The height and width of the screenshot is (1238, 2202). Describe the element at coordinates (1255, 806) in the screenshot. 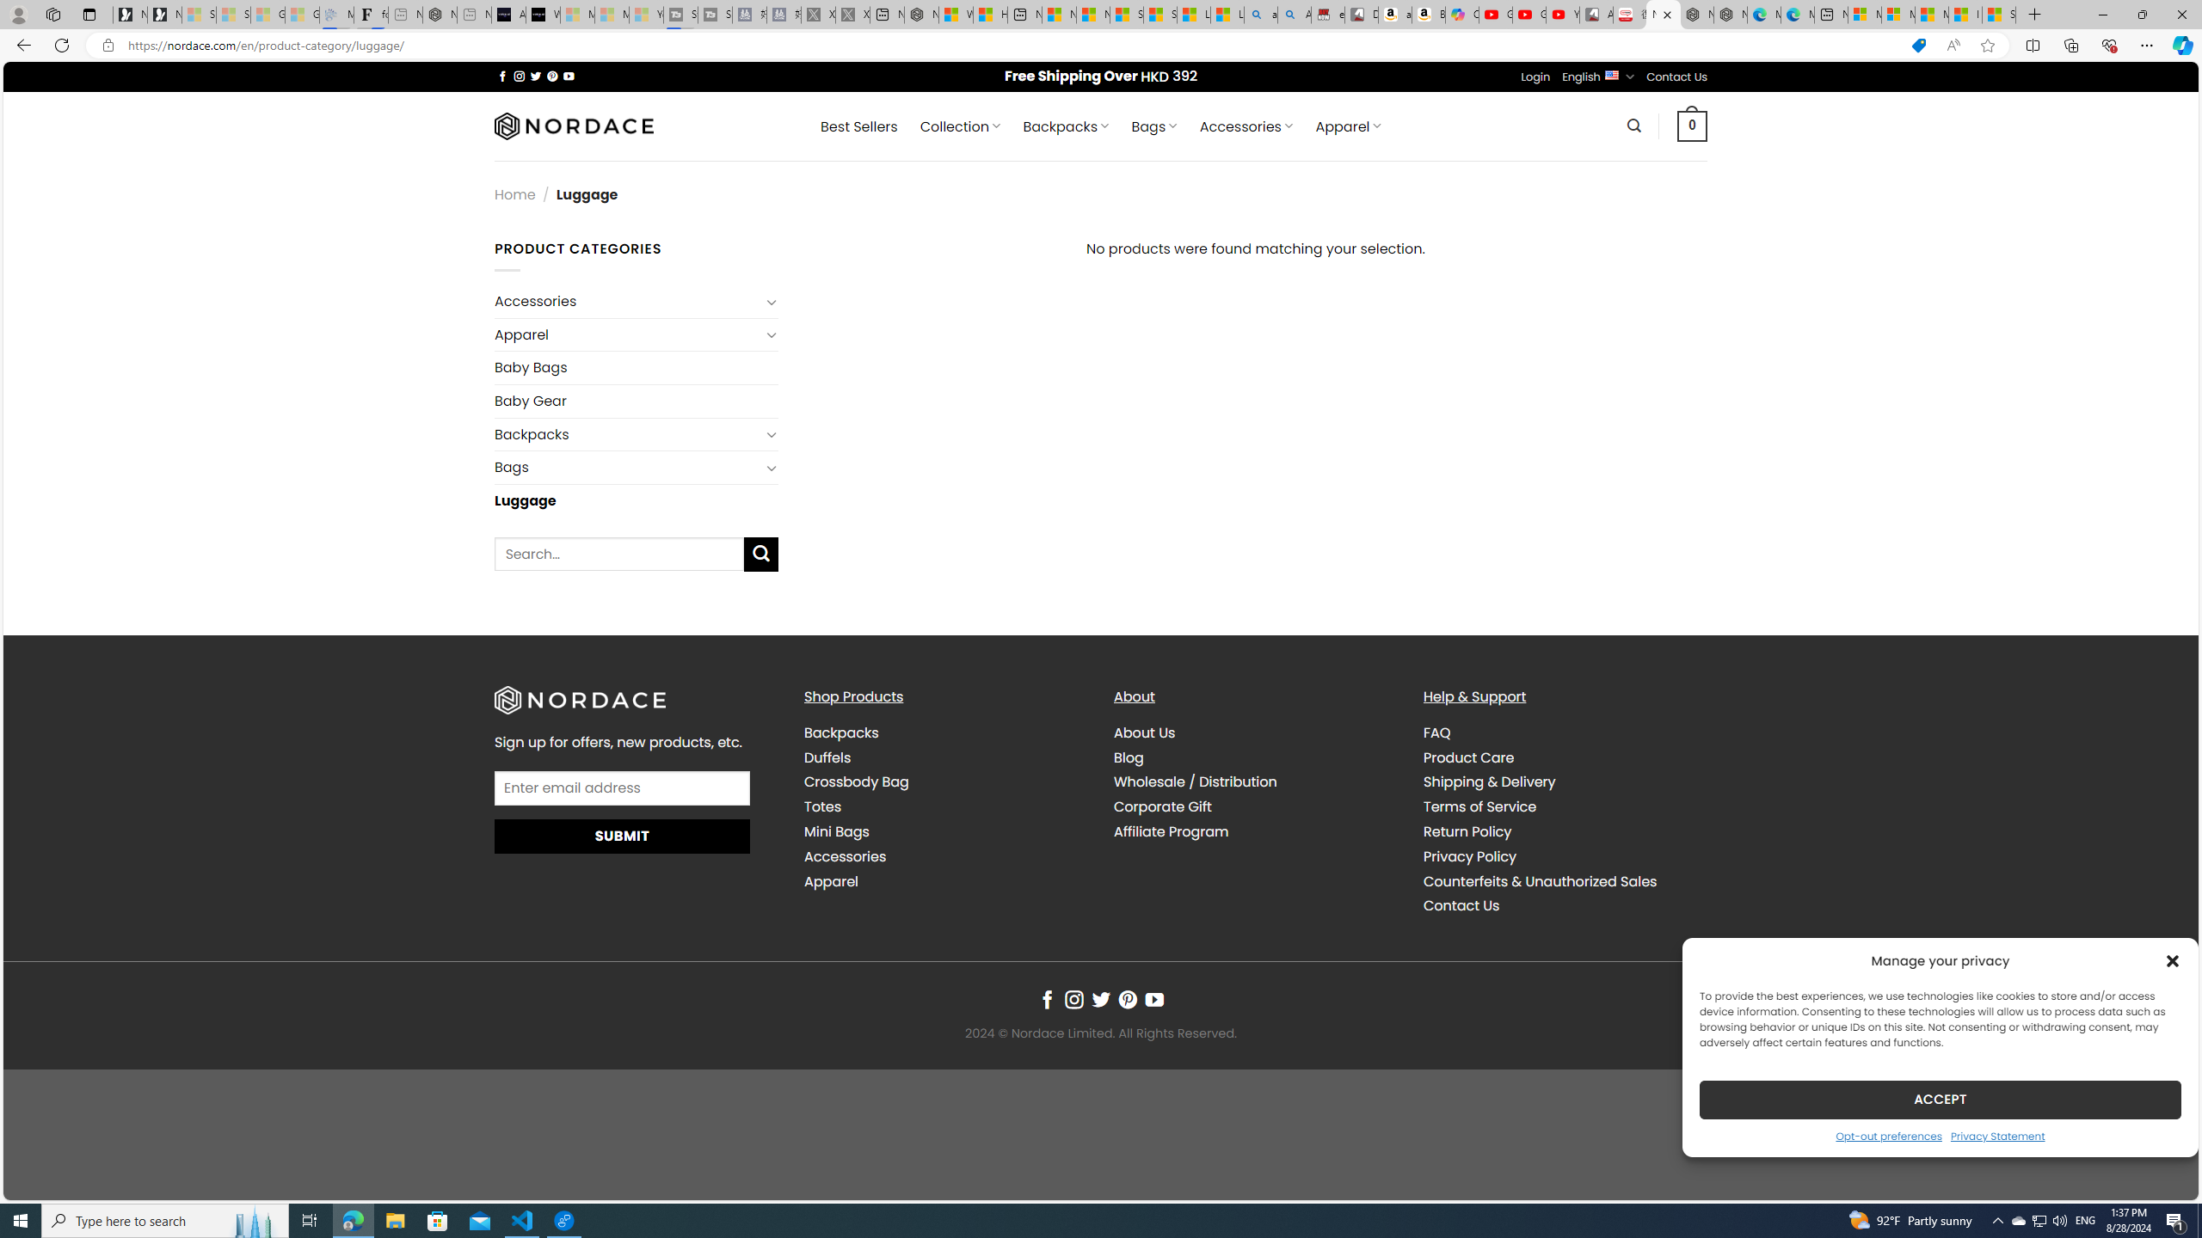

I see `'Corporate Gift'` at that location.